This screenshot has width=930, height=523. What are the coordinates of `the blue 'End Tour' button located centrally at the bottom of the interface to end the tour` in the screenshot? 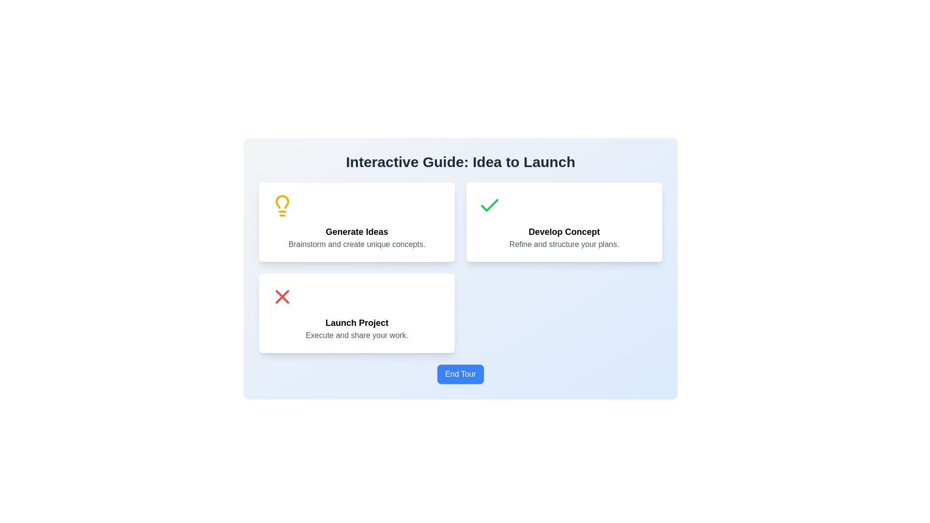 It's located at (460, 373).